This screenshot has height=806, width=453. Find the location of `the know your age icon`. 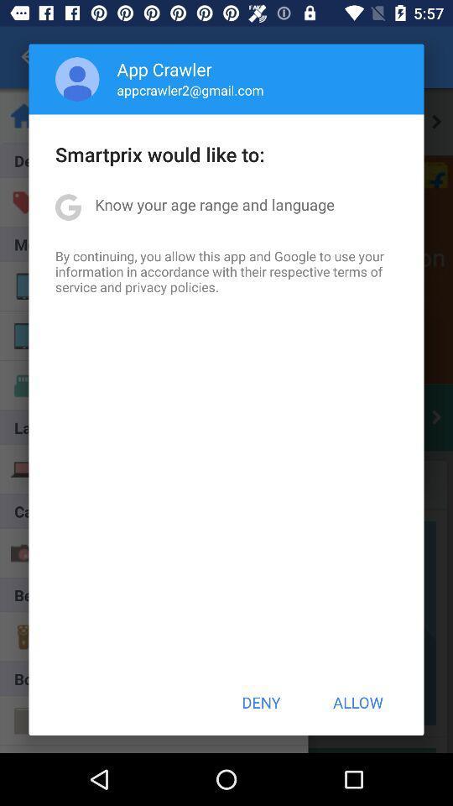

the know your age icon is located at coordinates (215, 203).